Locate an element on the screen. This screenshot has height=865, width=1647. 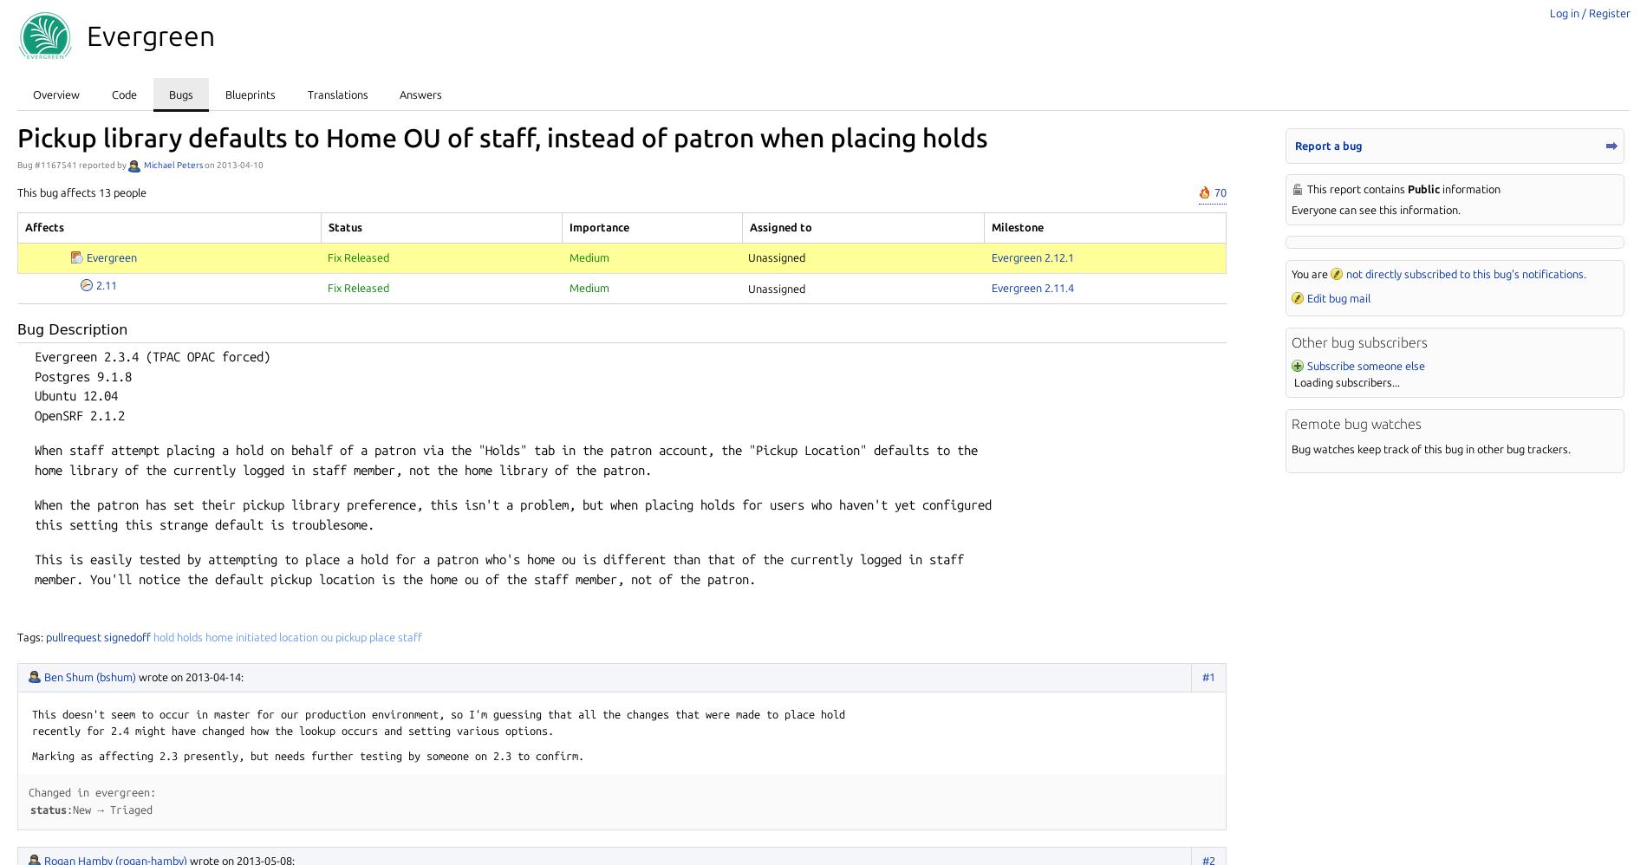
'2.11' is located at coordinates (95, 284).